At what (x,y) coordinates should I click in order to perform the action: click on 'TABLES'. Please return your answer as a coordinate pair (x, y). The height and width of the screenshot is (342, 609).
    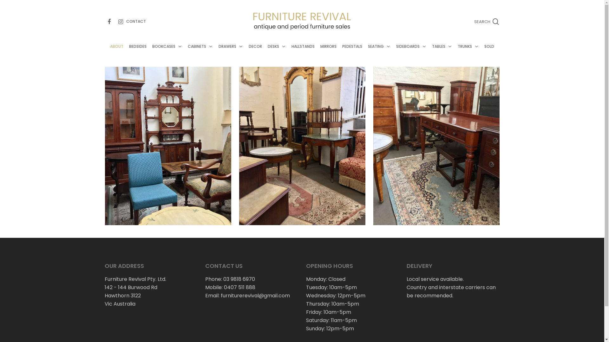
    Looking at the image, I should click on (442, 52).